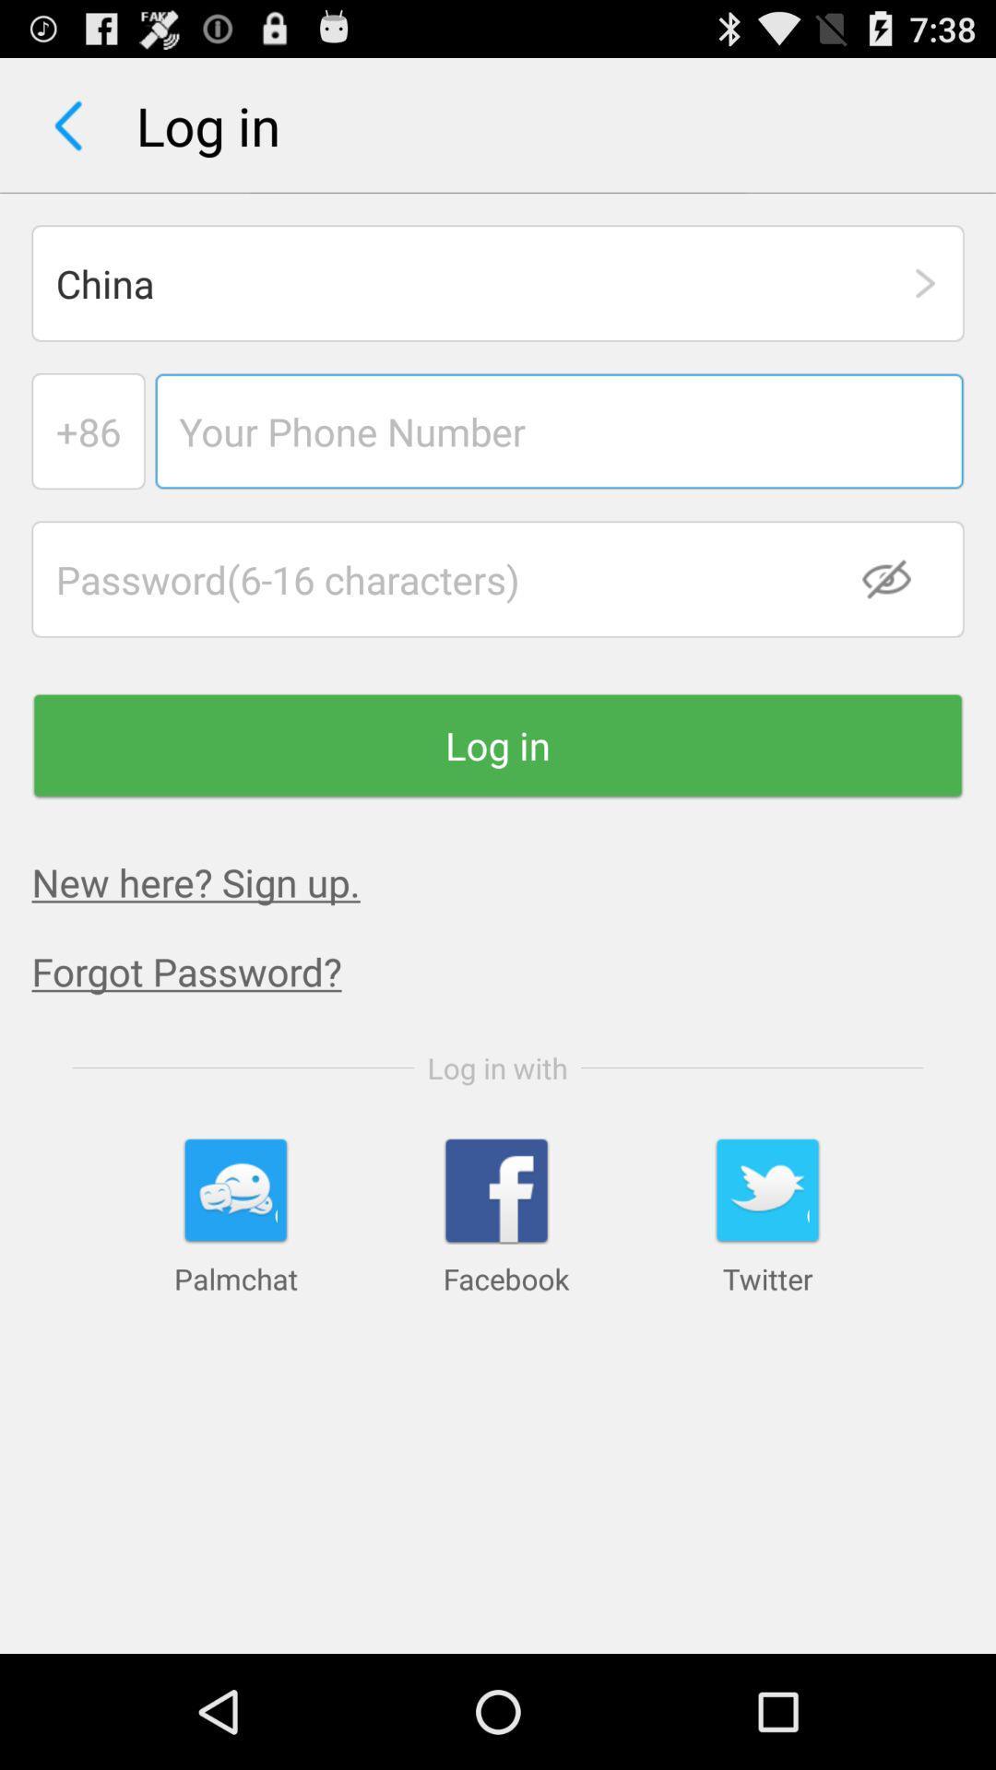 This screenshot has width=996, height=1770. I want to click on go back, so click(67, 124).